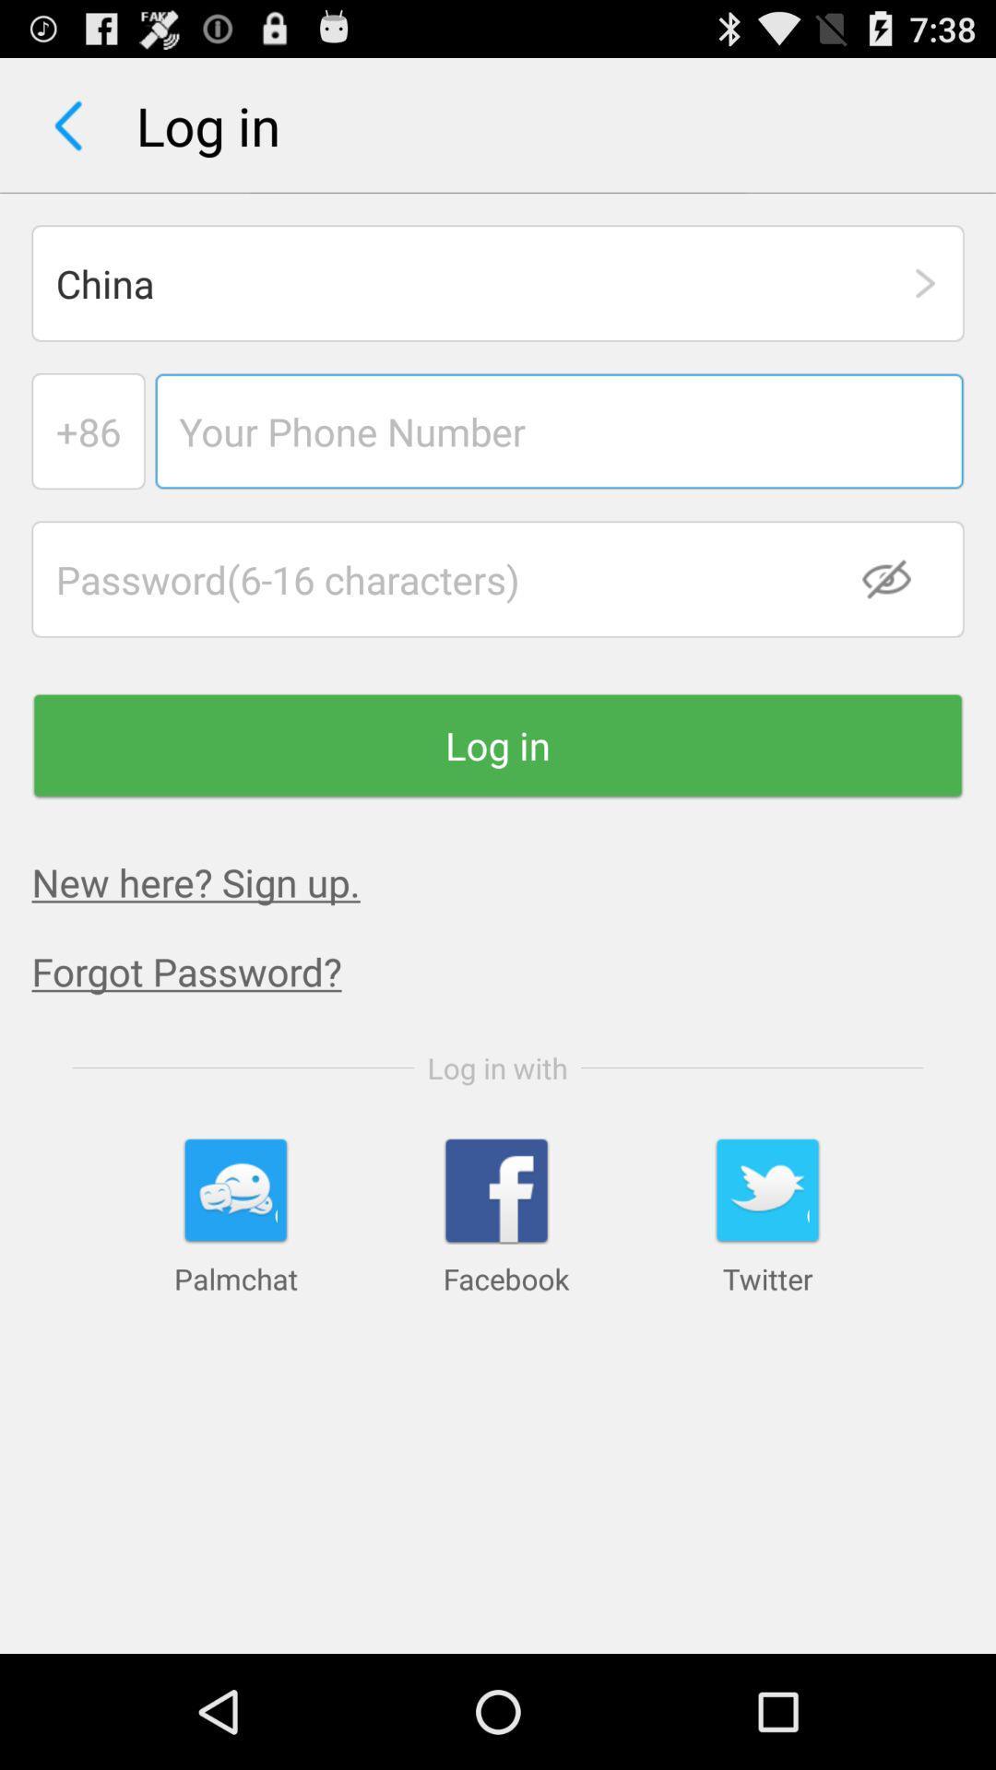 This screenshot has width=996, height=1770. I want to click on go back, so click(67, 124).